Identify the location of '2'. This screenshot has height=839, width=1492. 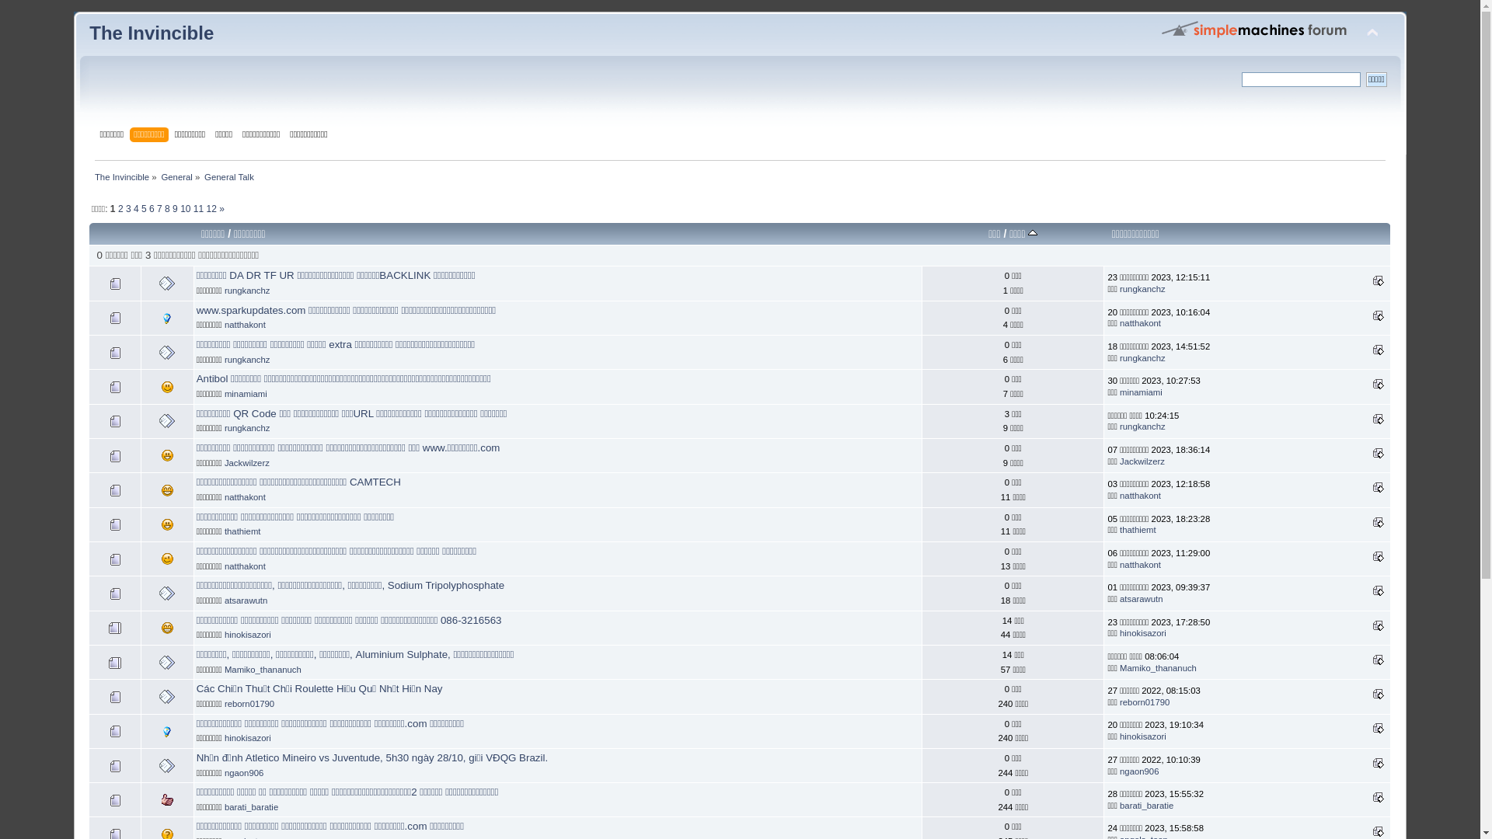
(120, 208).